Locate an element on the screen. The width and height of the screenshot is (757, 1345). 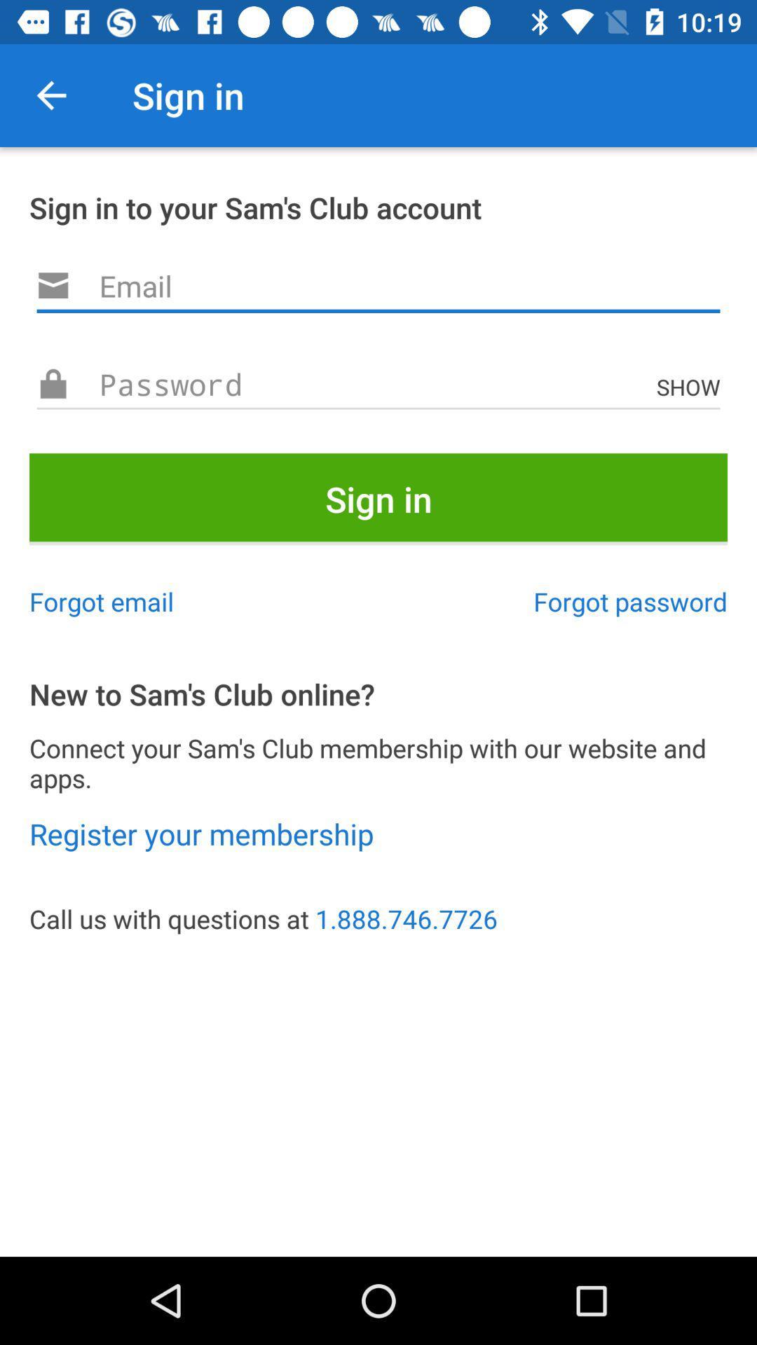
the forgot password item is located at coordinates (629, 601).